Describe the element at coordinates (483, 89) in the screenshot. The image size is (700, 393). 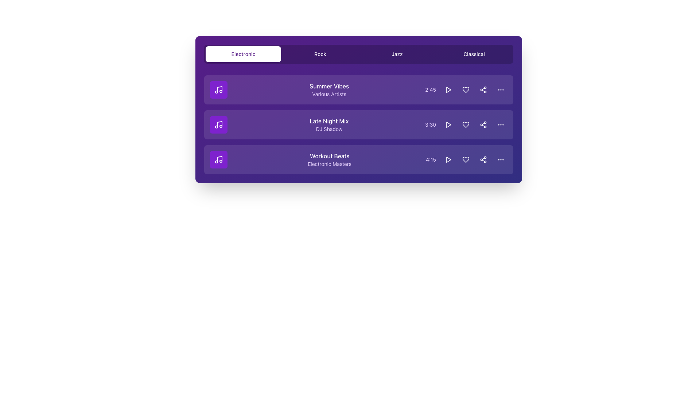
I see `the sharing icon button located to the right of the 'Summer Vibes' song entry in the song list` at that location.